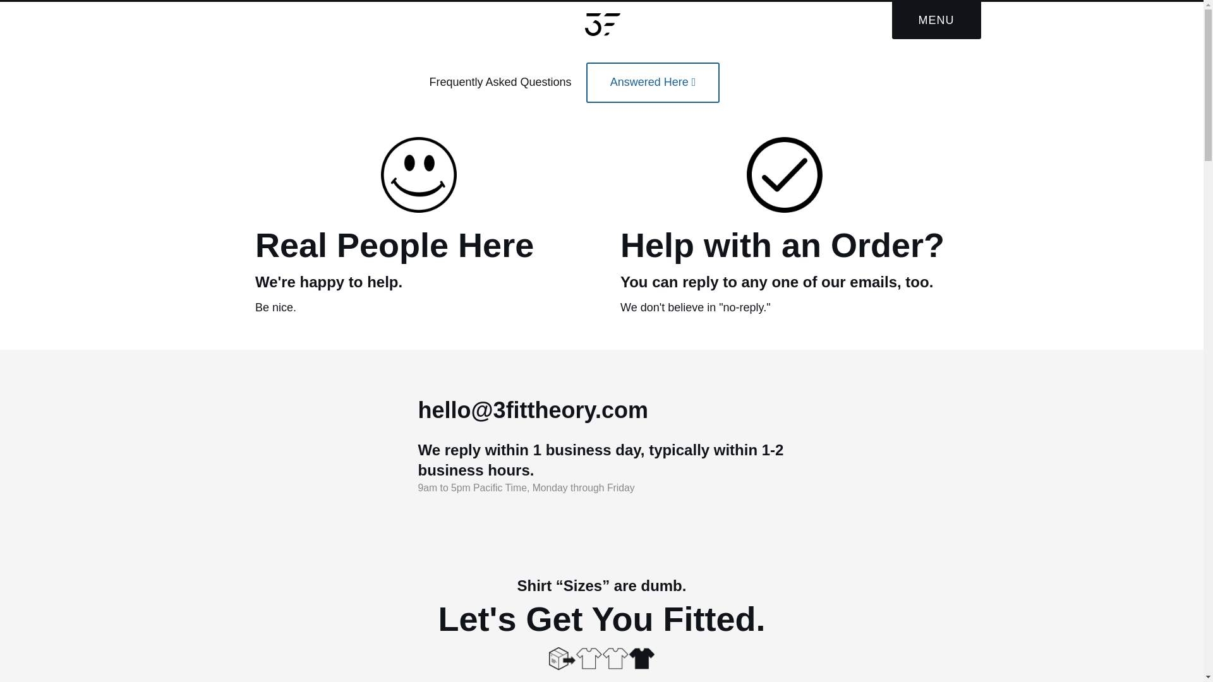 Image resolution: width=1213 pixels, height=682 pixels. I want to click on 'MENU', so click(936, 20).